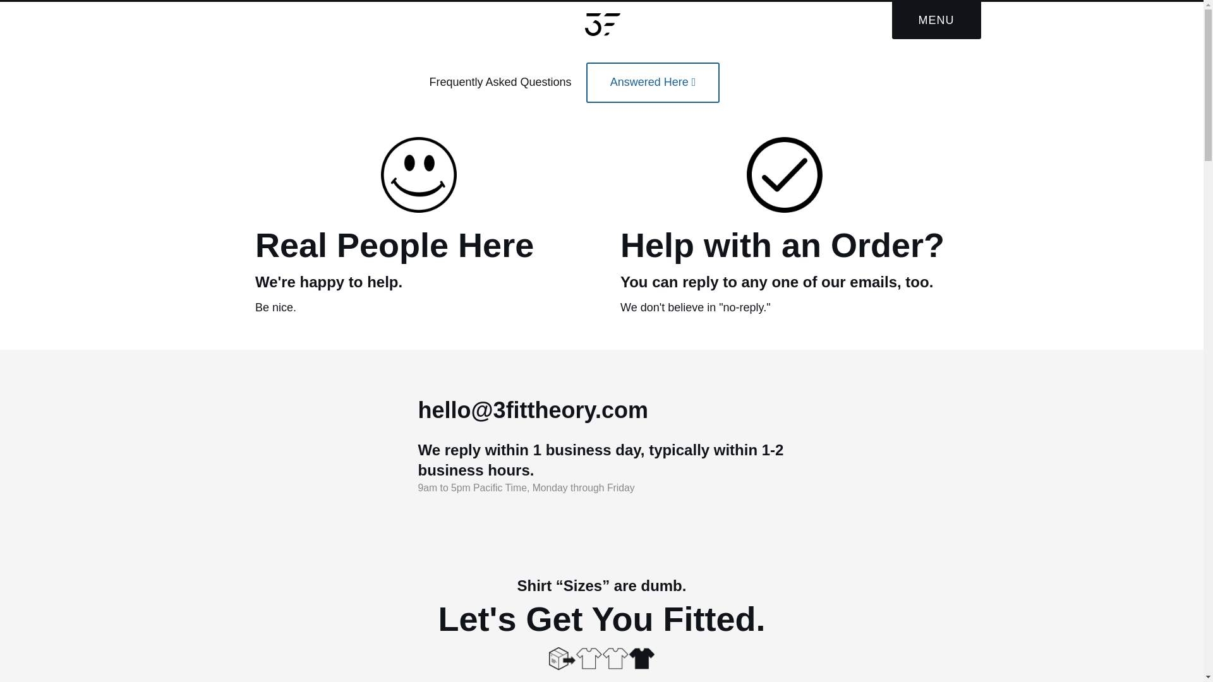 Image resolution: width=1213 pixels, height=682 pixels. I want to click on 'MENU', so click(936, 20).